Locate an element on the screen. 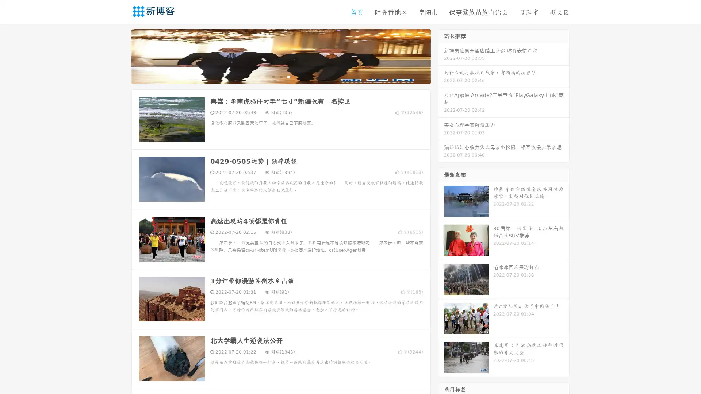  Go to slide 2 is located at coordinates (280, 82).